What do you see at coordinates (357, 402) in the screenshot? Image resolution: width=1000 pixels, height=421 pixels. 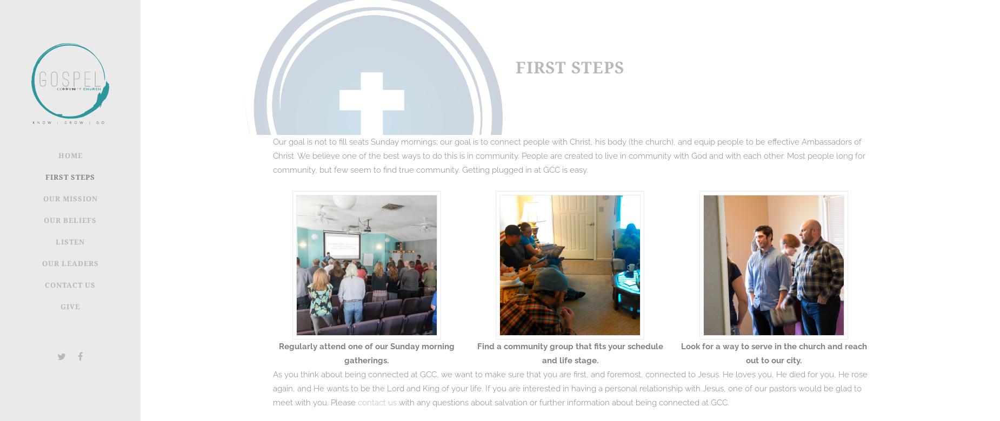 I see `'contact us'` at bounding box center [357, 402].